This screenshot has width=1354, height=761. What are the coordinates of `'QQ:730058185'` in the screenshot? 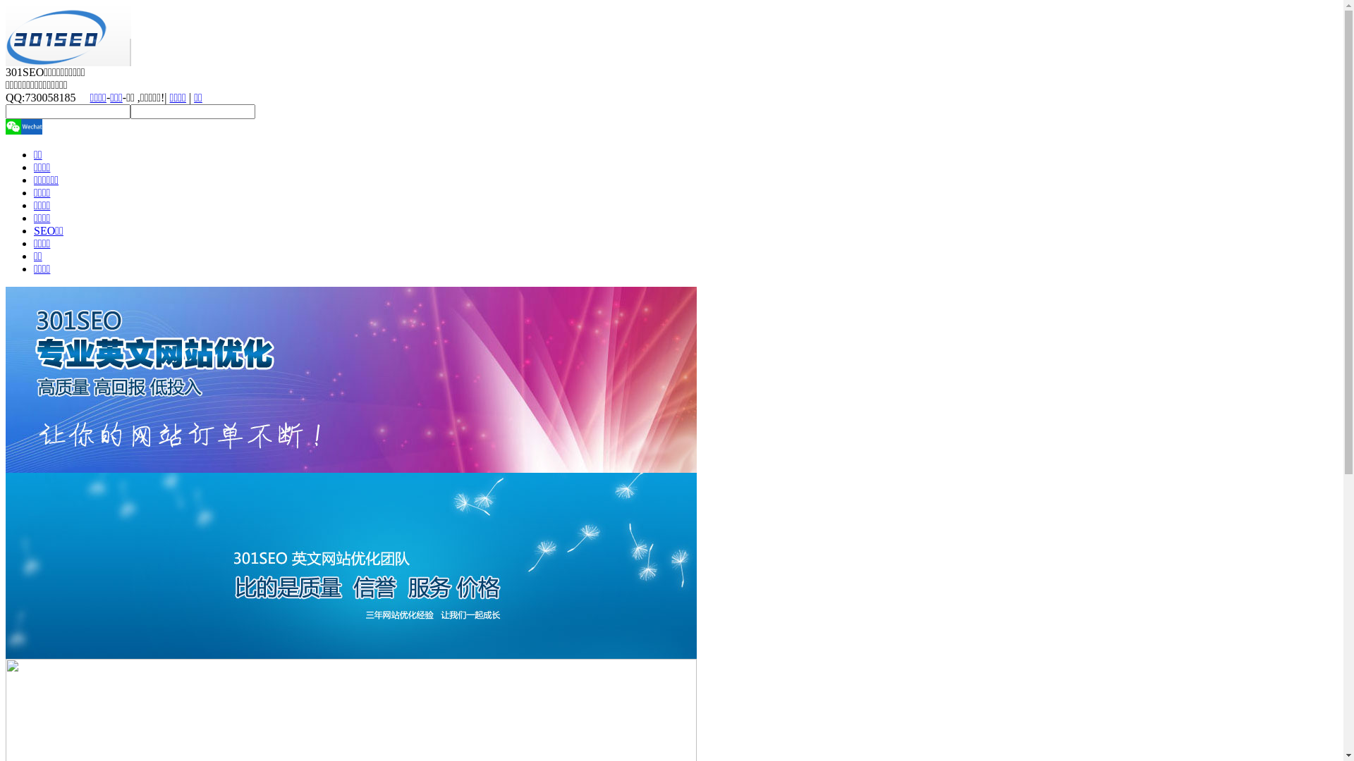 It's located at (6, 97).